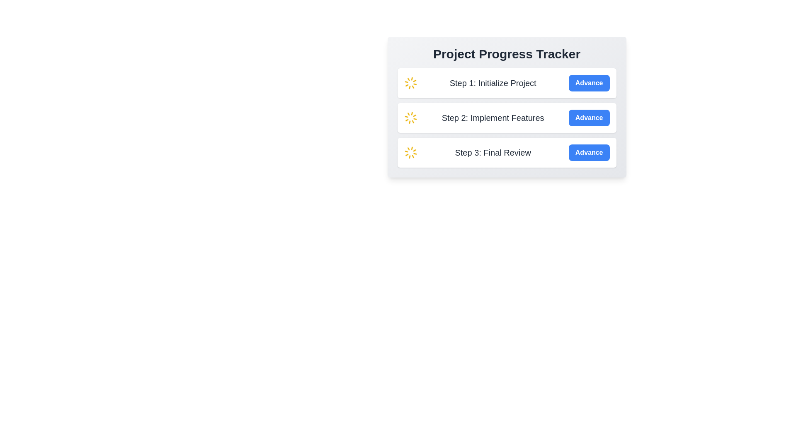 This screenshot has height=447, width=796. What do you see at coordinates (493, 118) in the screenshot?
I see `text label that displays 'Step 2: Implement Features.' It is the second text block in a vertical stack within a white card layout` at bounding box center [493, 118].